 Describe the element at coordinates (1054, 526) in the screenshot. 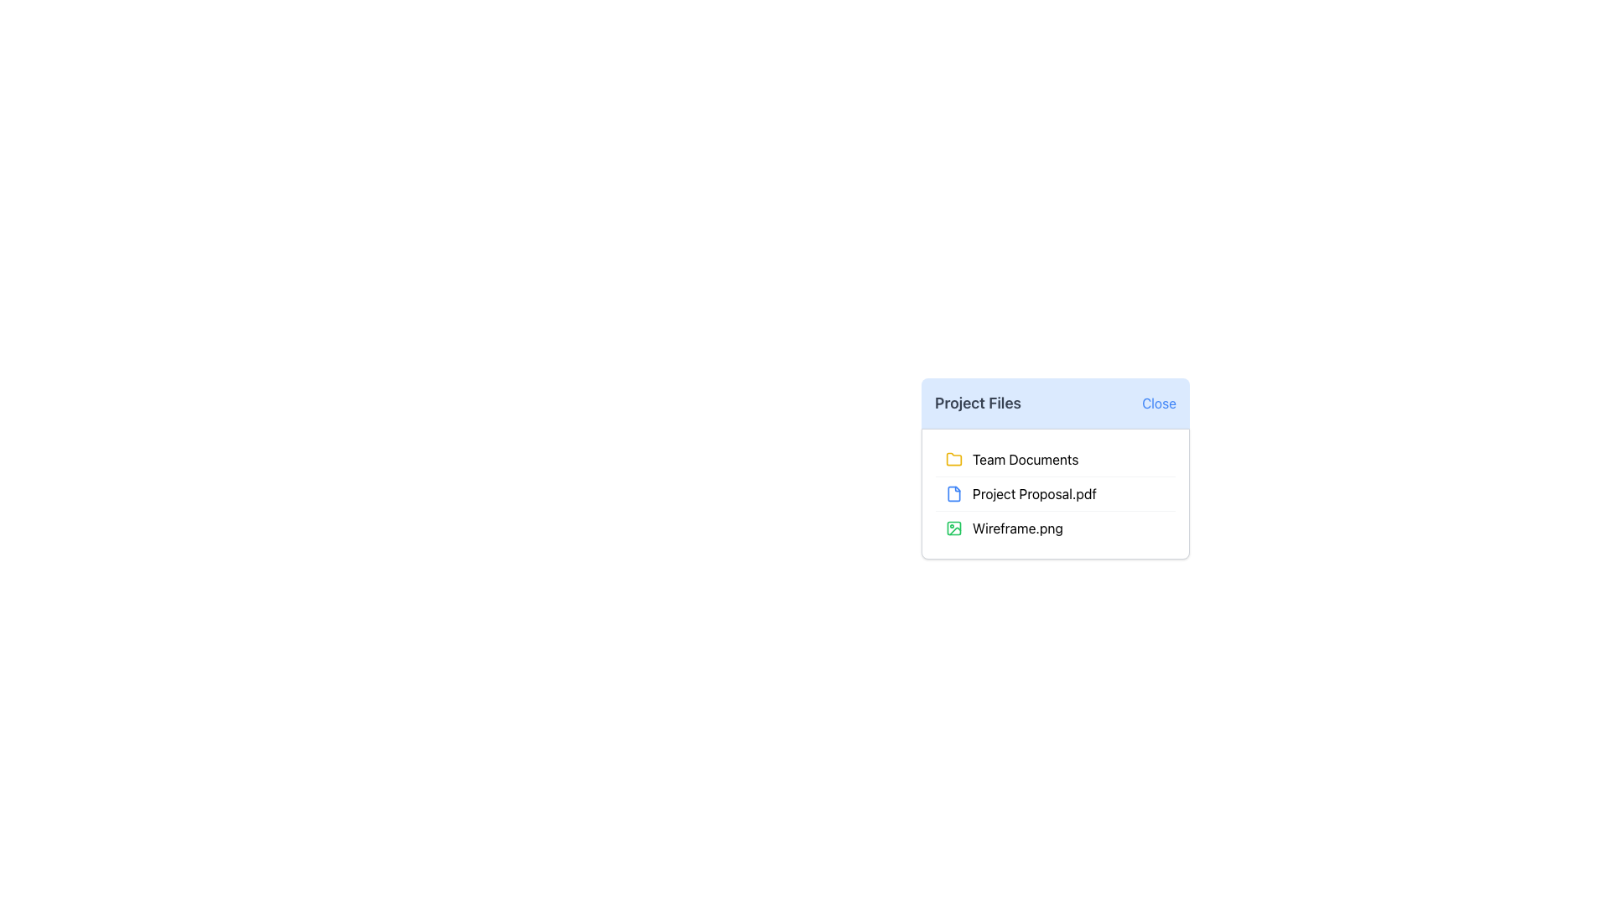

I see `the file entry row labeled 'Wireframe.png' with a green image icon` at that location.